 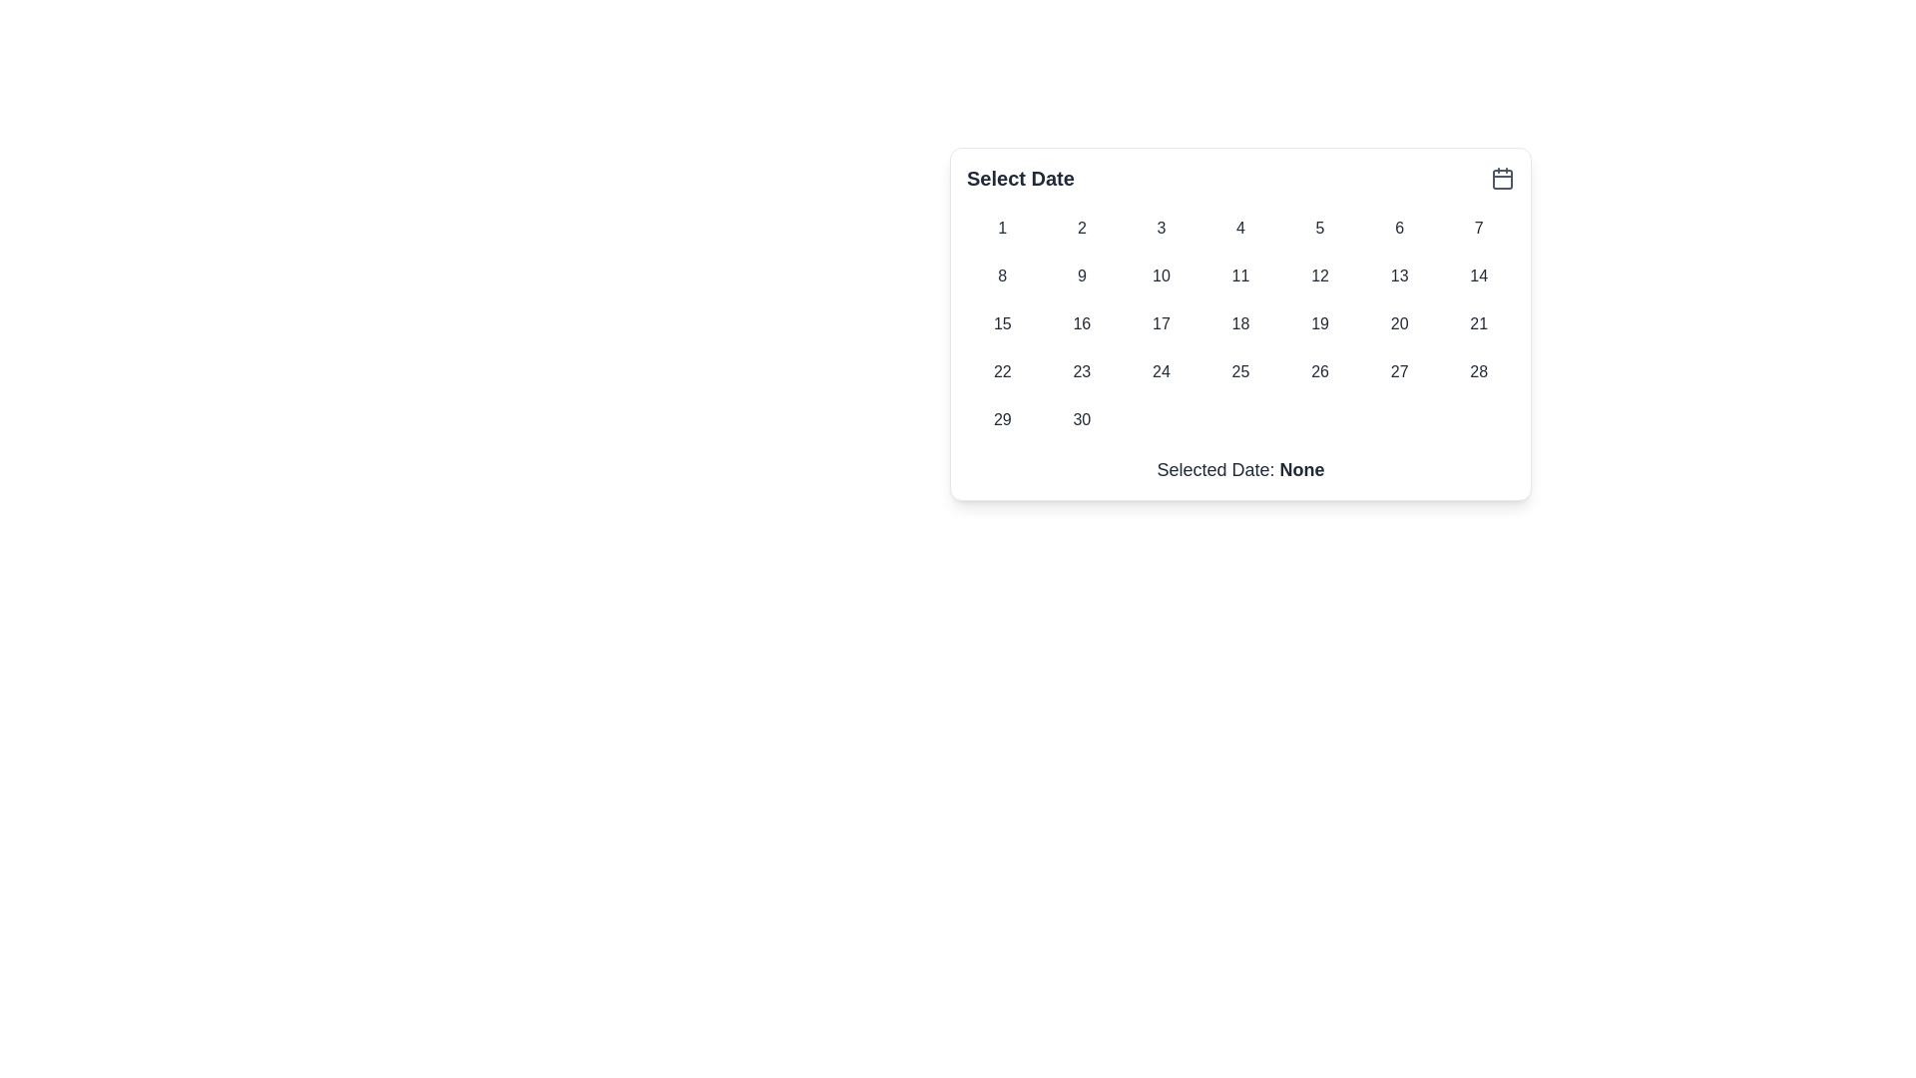 What do you see at coordinates (1020, 177) in the screenshot?
I see `the bold text label reading 'Select Date' positioned in the upper-left corner of the calendar interface` at bounding box center [1020, 177].